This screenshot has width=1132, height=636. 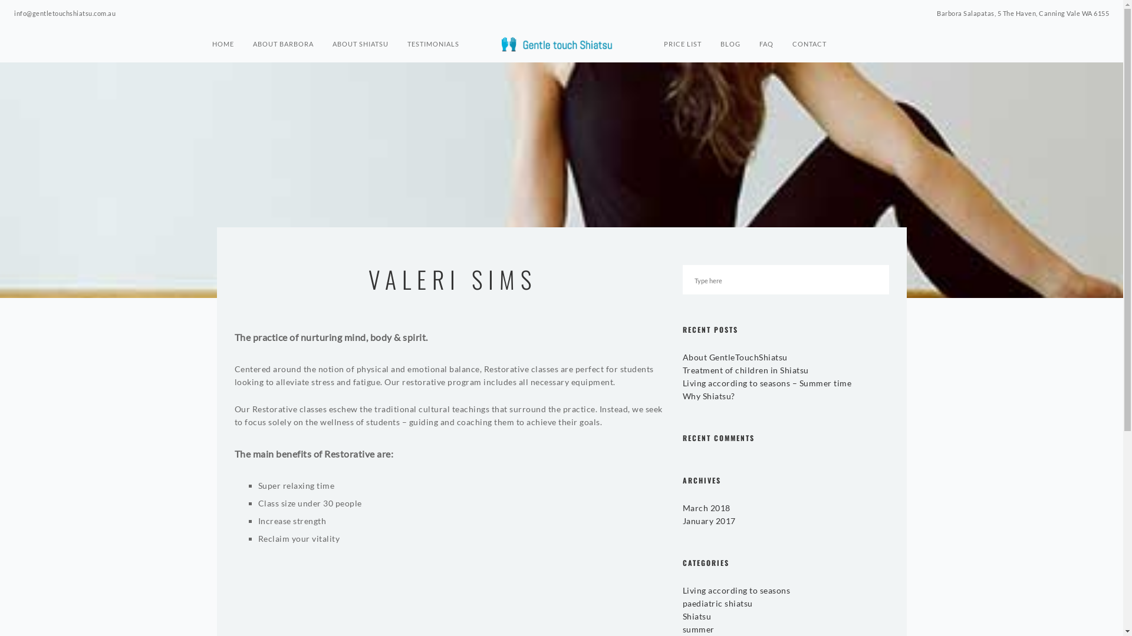 I want to click on 'PRICE LIST', so click(x=682, y=44).